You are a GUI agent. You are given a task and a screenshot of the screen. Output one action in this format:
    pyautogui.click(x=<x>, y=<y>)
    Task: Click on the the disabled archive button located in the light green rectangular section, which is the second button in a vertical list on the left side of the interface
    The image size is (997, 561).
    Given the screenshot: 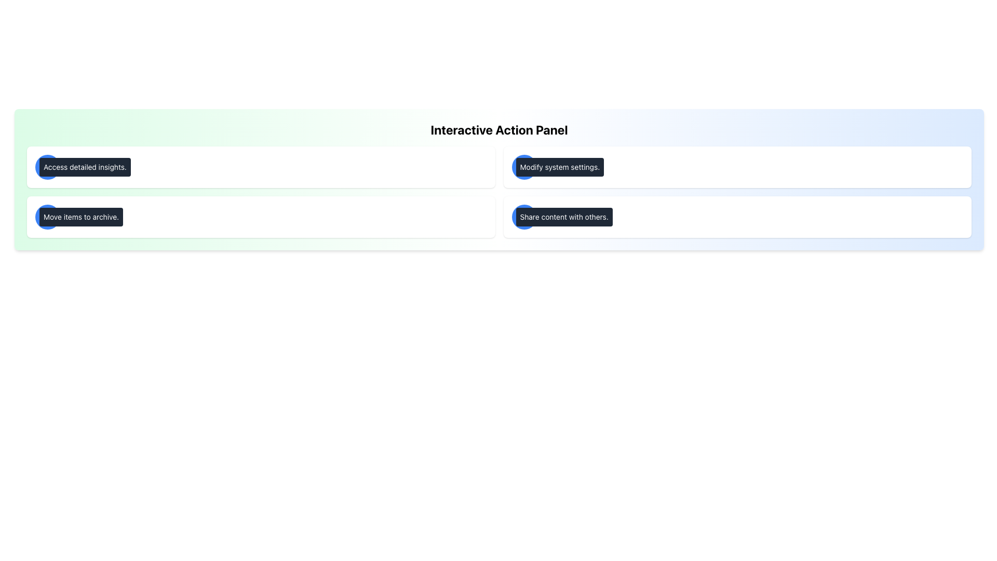 What is the action you would take?
    pyautogui.click(x=80, y=216)
    